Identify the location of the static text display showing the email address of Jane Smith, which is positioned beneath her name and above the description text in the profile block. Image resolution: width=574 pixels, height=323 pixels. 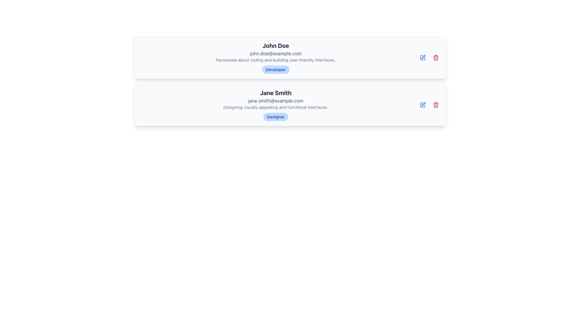
(275, 100).